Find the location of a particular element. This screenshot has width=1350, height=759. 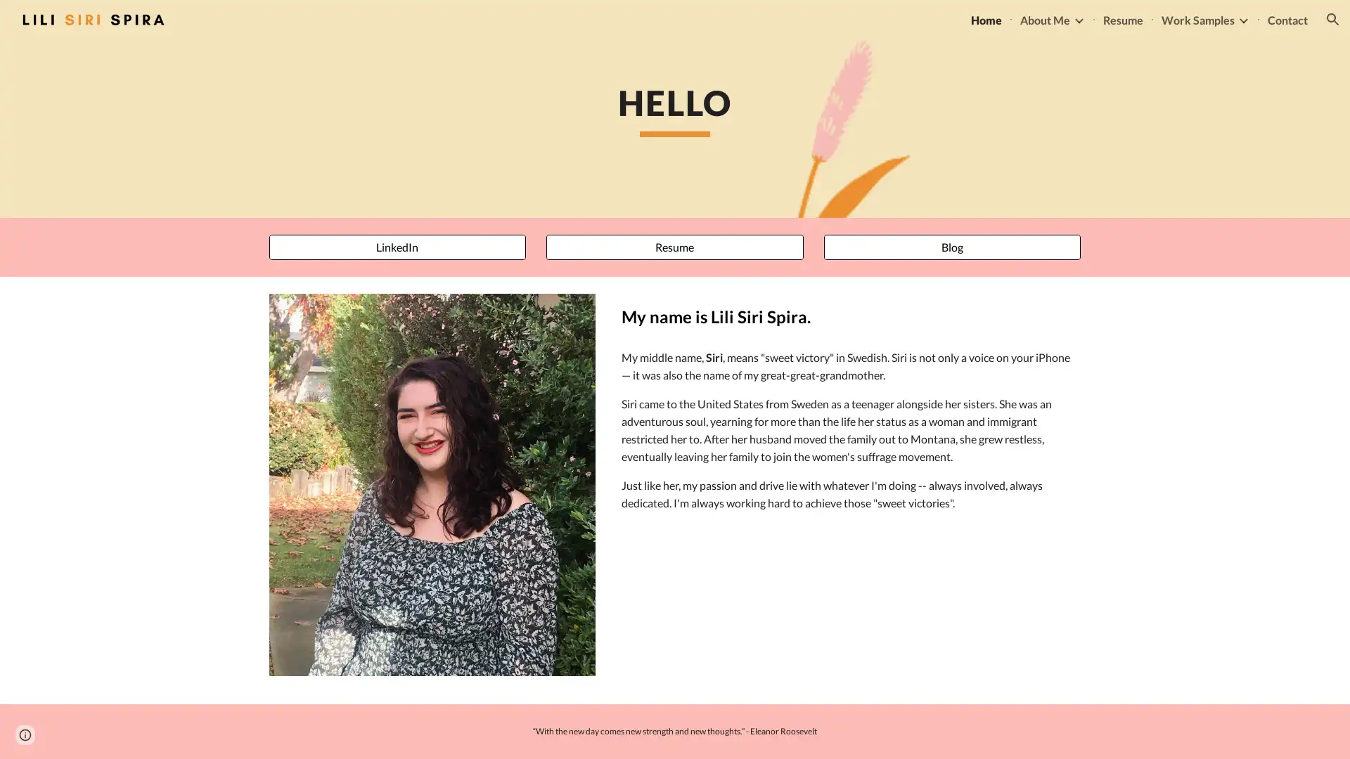

Site actions is located at coordinates (25, 734).